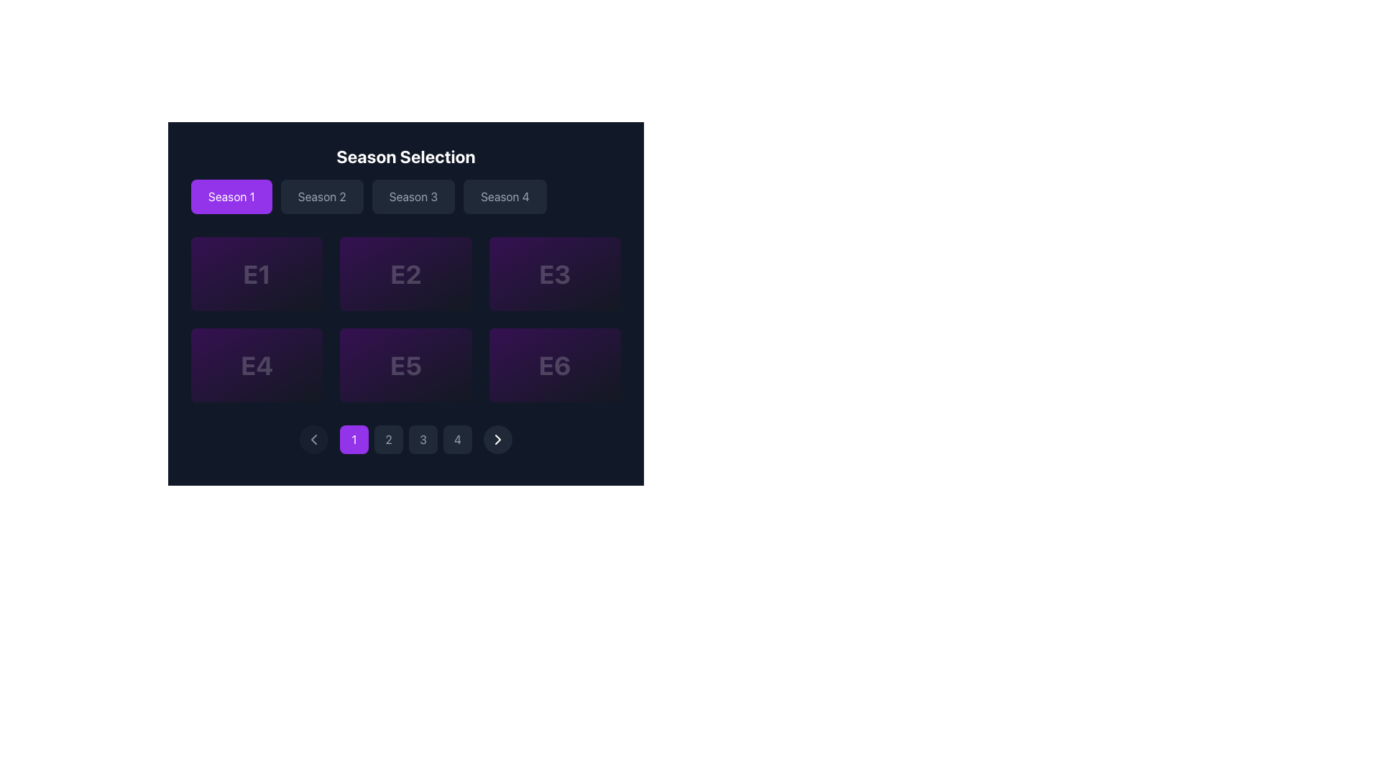  Describe the element at coordinates (554, 274) in the screenshot. I see `the large white text displaying 'E3' in bold on a dark purple background` at that location.